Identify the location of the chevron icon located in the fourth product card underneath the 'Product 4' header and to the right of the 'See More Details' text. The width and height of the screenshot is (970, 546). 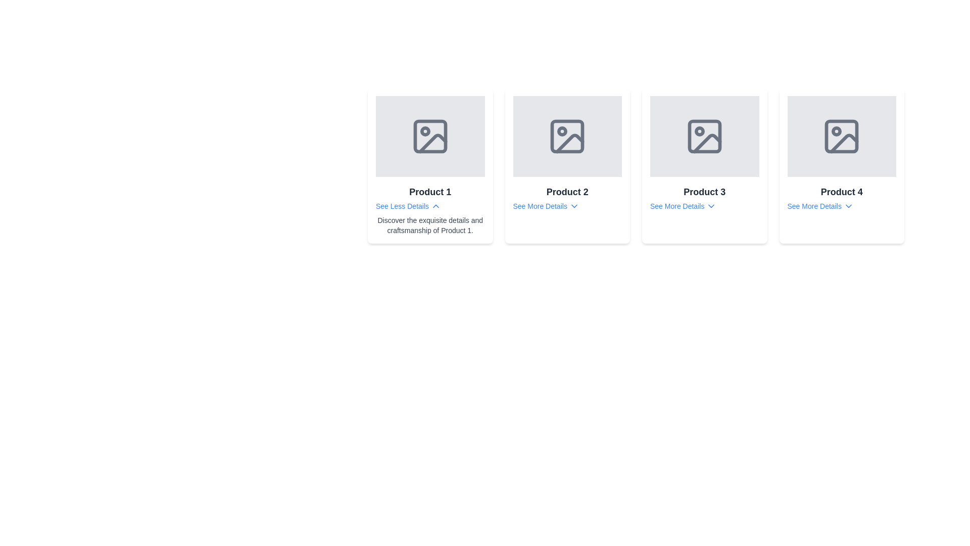
(848, 206).